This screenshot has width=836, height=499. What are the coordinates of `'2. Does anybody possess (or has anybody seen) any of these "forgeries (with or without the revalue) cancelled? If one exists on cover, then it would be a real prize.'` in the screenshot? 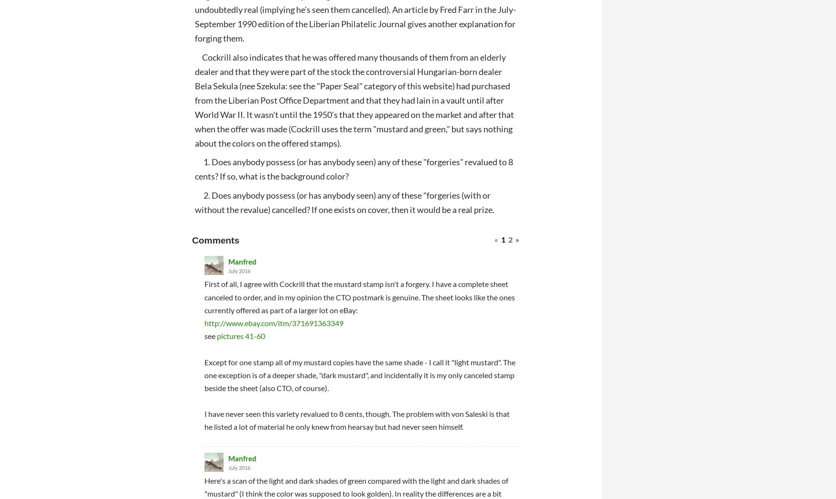 It's located at (344, 202).